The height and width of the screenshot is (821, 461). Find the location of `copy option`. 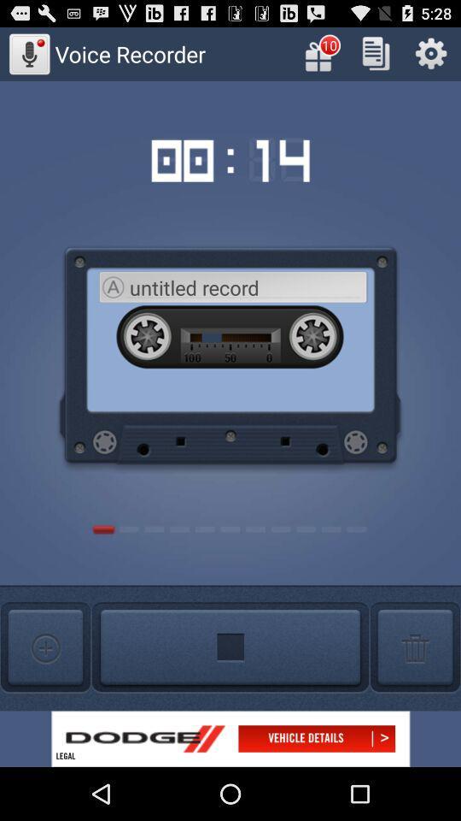

copy option is located at coordinates (376, 53).